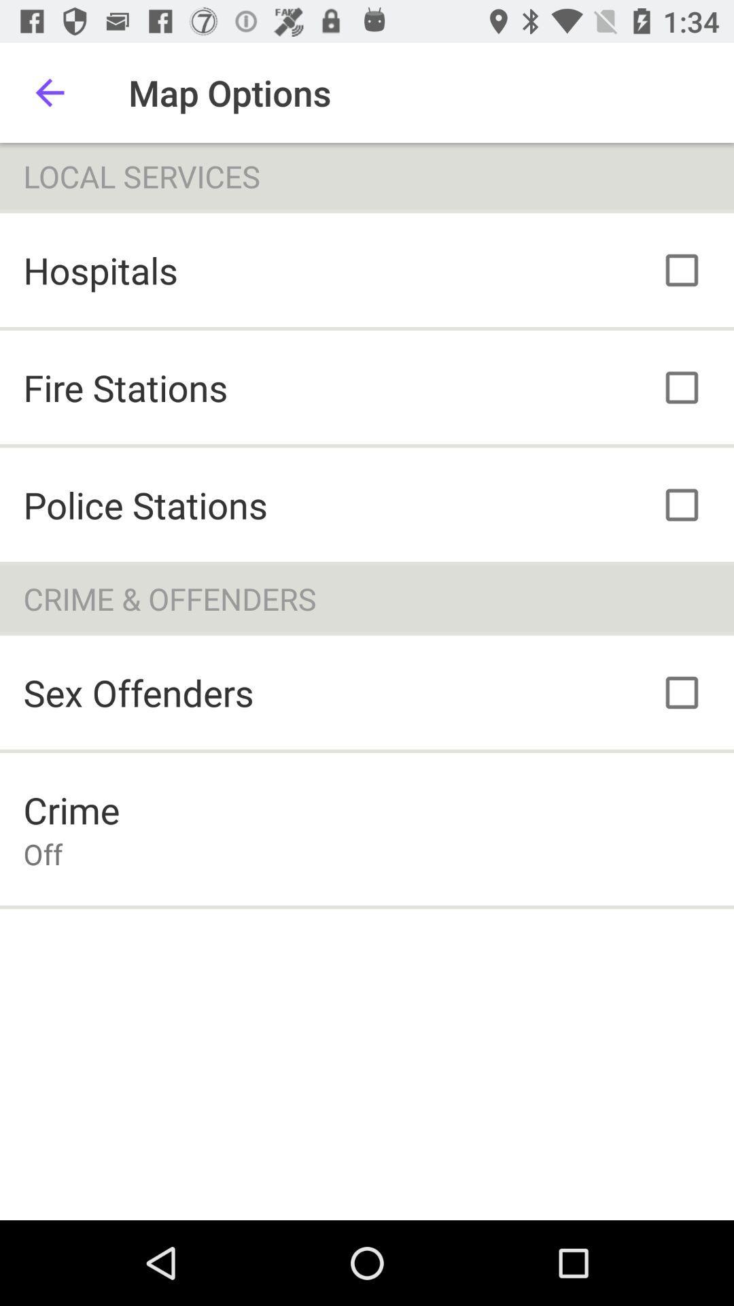  Describe the element at coordinates (49, 92) in the screenshot. I see `icon to the left of map options` at that location.